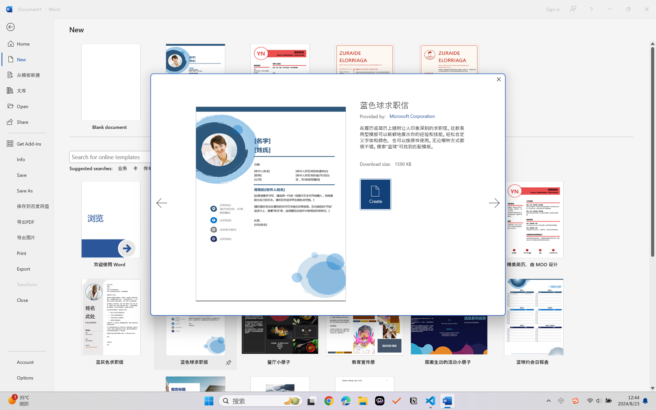 The image size is (656, 410). What do you see at coordinates (26, 377) in the screenshot?
I see `'Options'` at bounding box center [26, 377].